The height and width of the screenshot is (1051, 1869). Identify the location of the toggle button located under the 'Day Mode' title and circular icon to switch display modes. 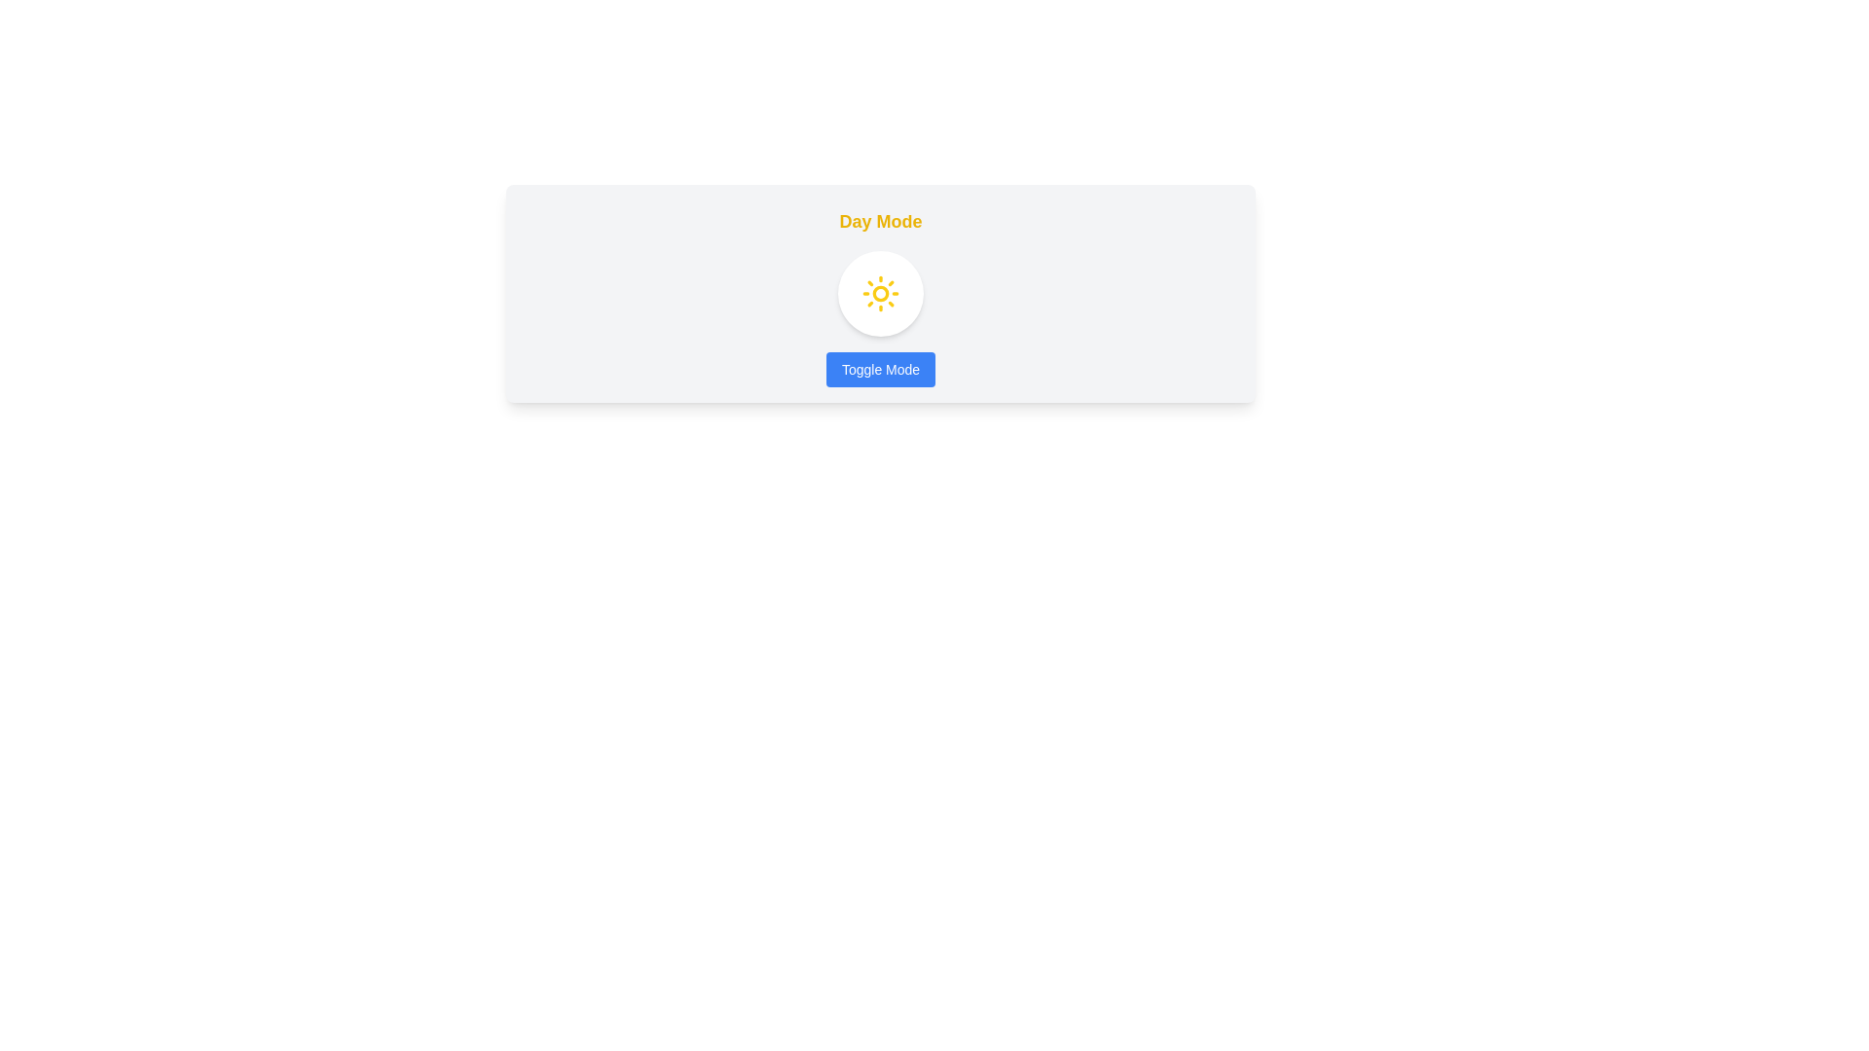
(879, 370).